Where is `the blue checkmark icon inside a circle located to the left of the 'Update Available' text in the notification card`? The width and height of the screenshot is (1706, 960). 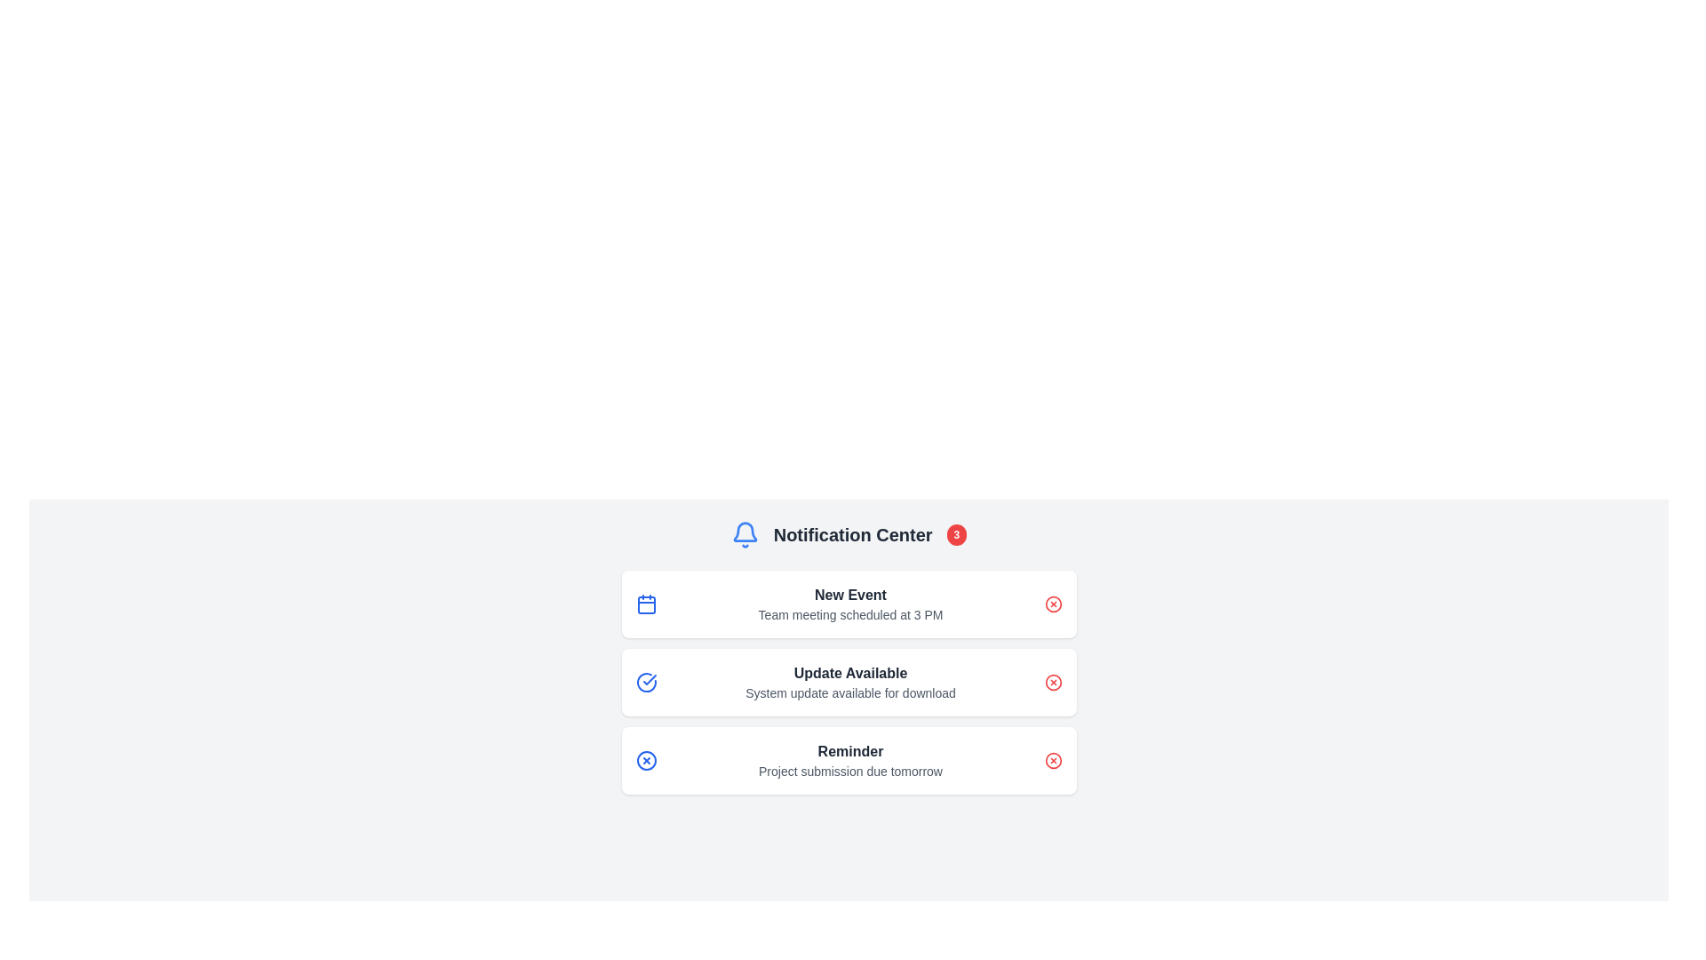 the blue checkmark icon inside a circle located to the left of the 'Update Available' text in the notification card is located at coordinates (645, 681).